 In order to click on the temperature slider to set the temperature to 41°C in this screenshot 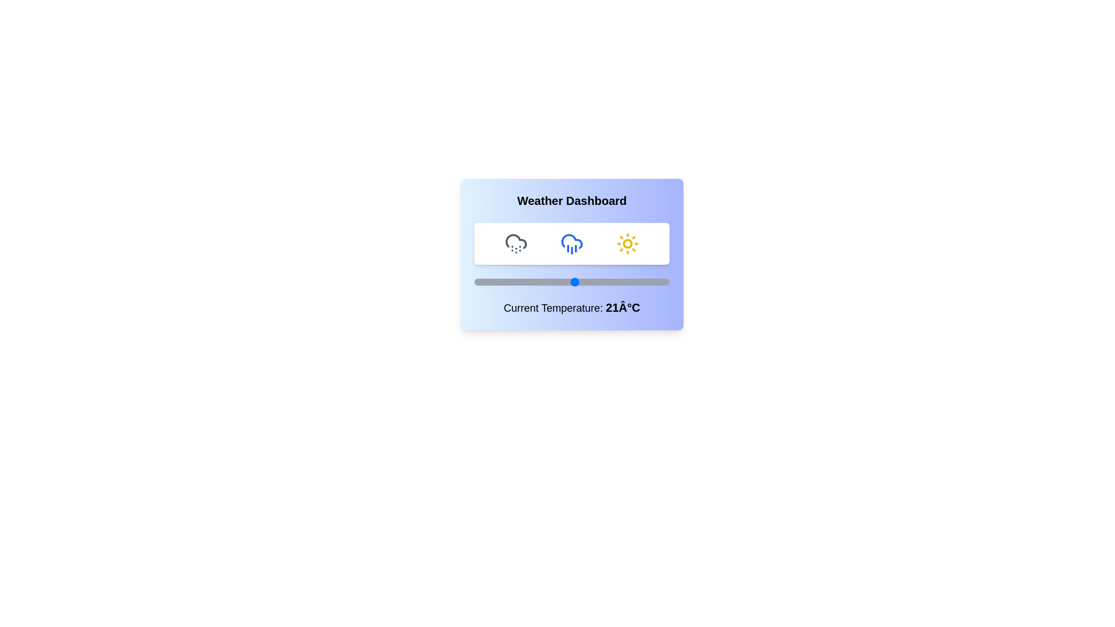, I will do `click(639, 282)`.